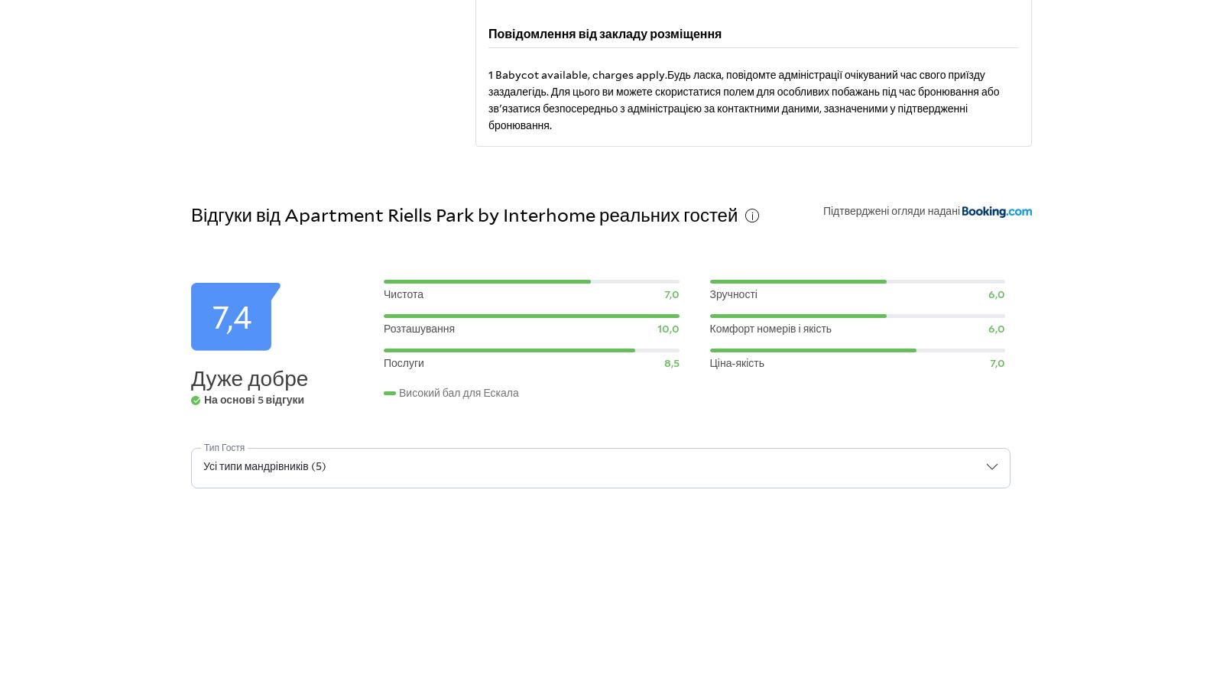 The height and width of the screenshot is (691, 1223). I want to click on 'На основі  5  відгуки', so click(254, 398).